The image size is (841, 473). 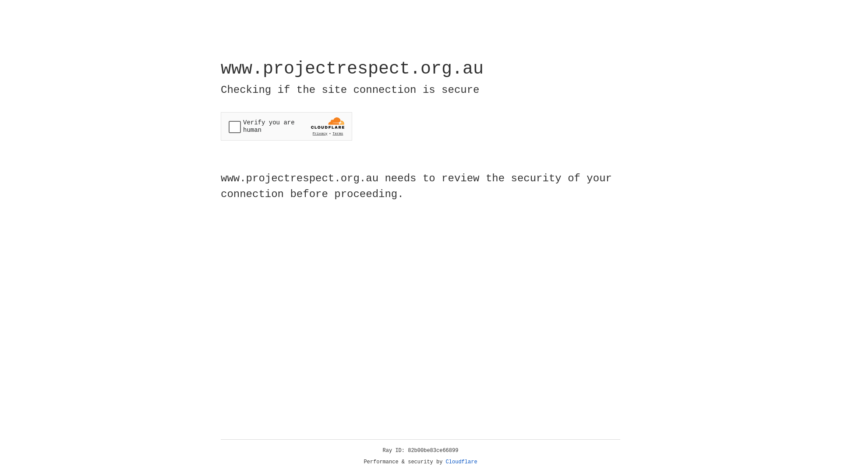 I want to click on 'Widget containing a Cloudflare security challenge', so click(x=286, y=126).